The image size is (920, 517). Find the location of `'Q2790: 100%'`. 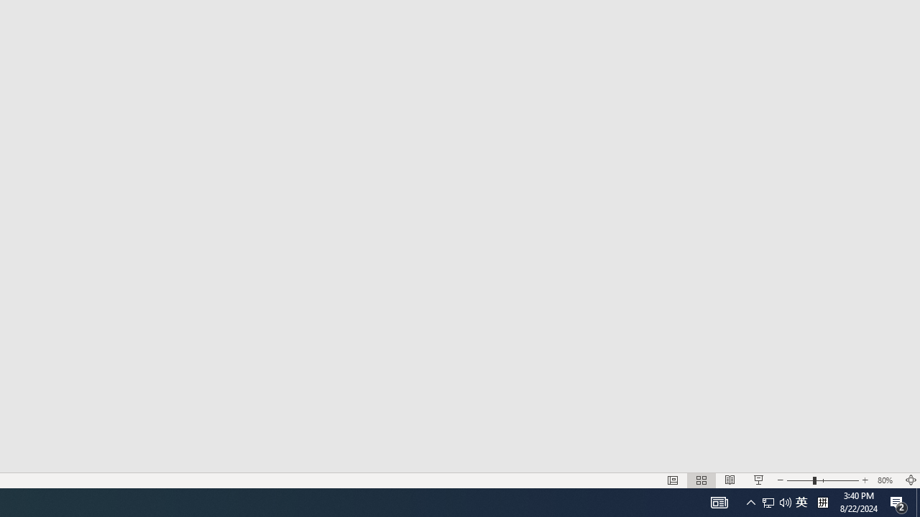

'Q2790: 100%' is located at coordinates (776, 501).